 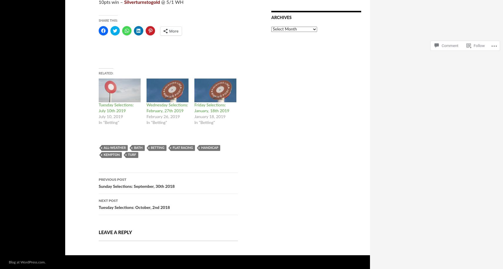 What do you see at coordinates (27, 262) in the screenshot?
I see `'Blog at WordPress.com.'` at bounding box center [27, 262].